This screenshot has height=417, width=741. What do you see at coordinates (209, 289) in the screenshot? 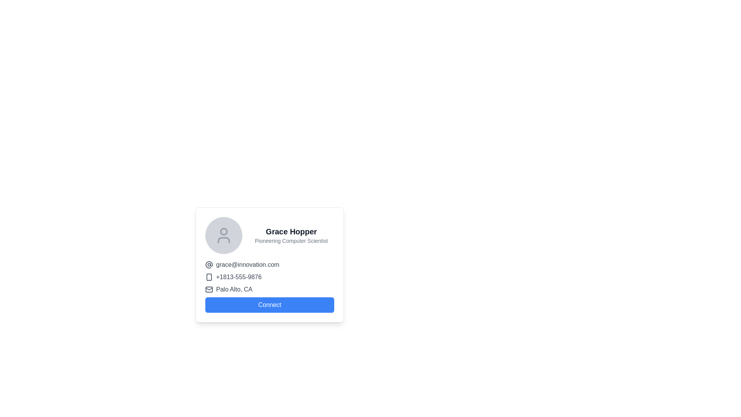
I see `the rectangular shape that resembles the body of an envelope icon, located above the text 'Palo Alto, CA' and aligned with a red mail icon` at bounding box center [209, 289].